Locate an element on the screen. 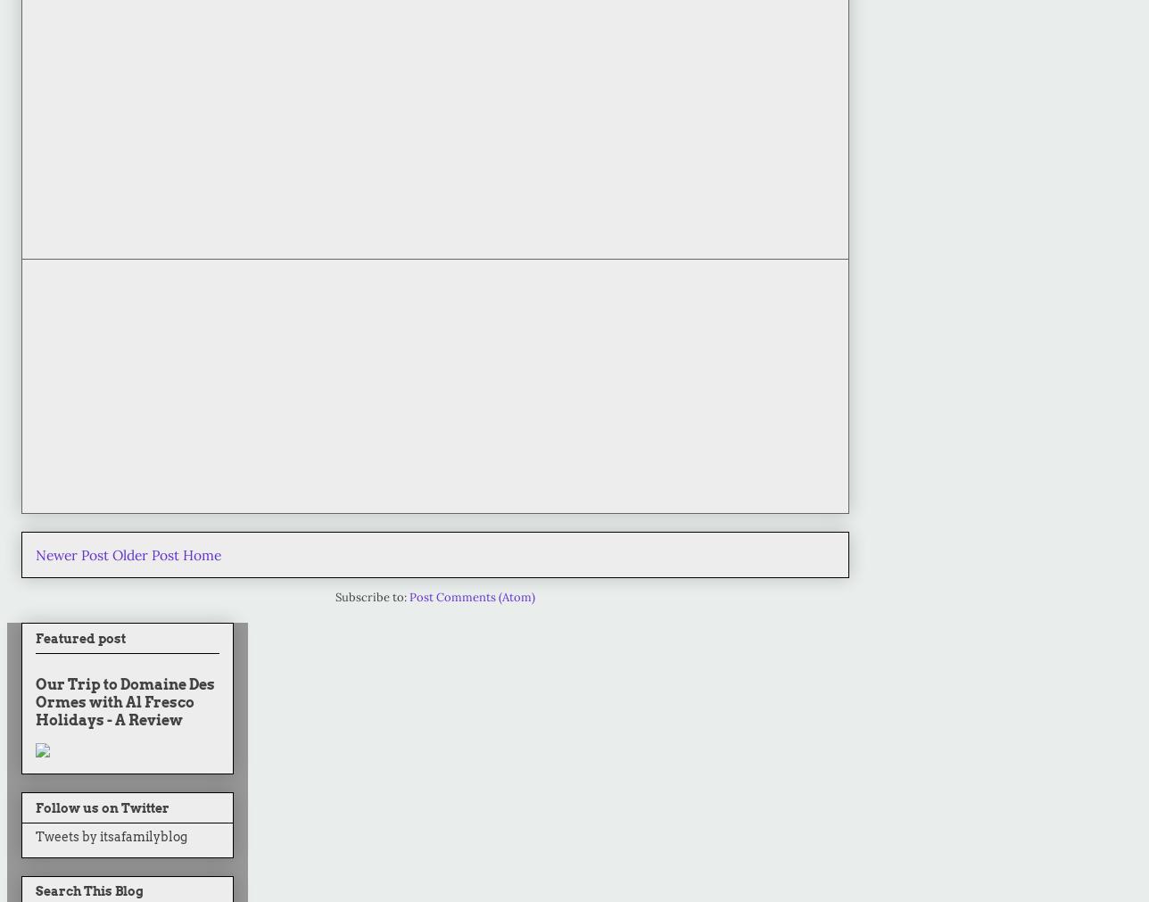  'Follow us on Twitter' is located at coordinates (103, 807).